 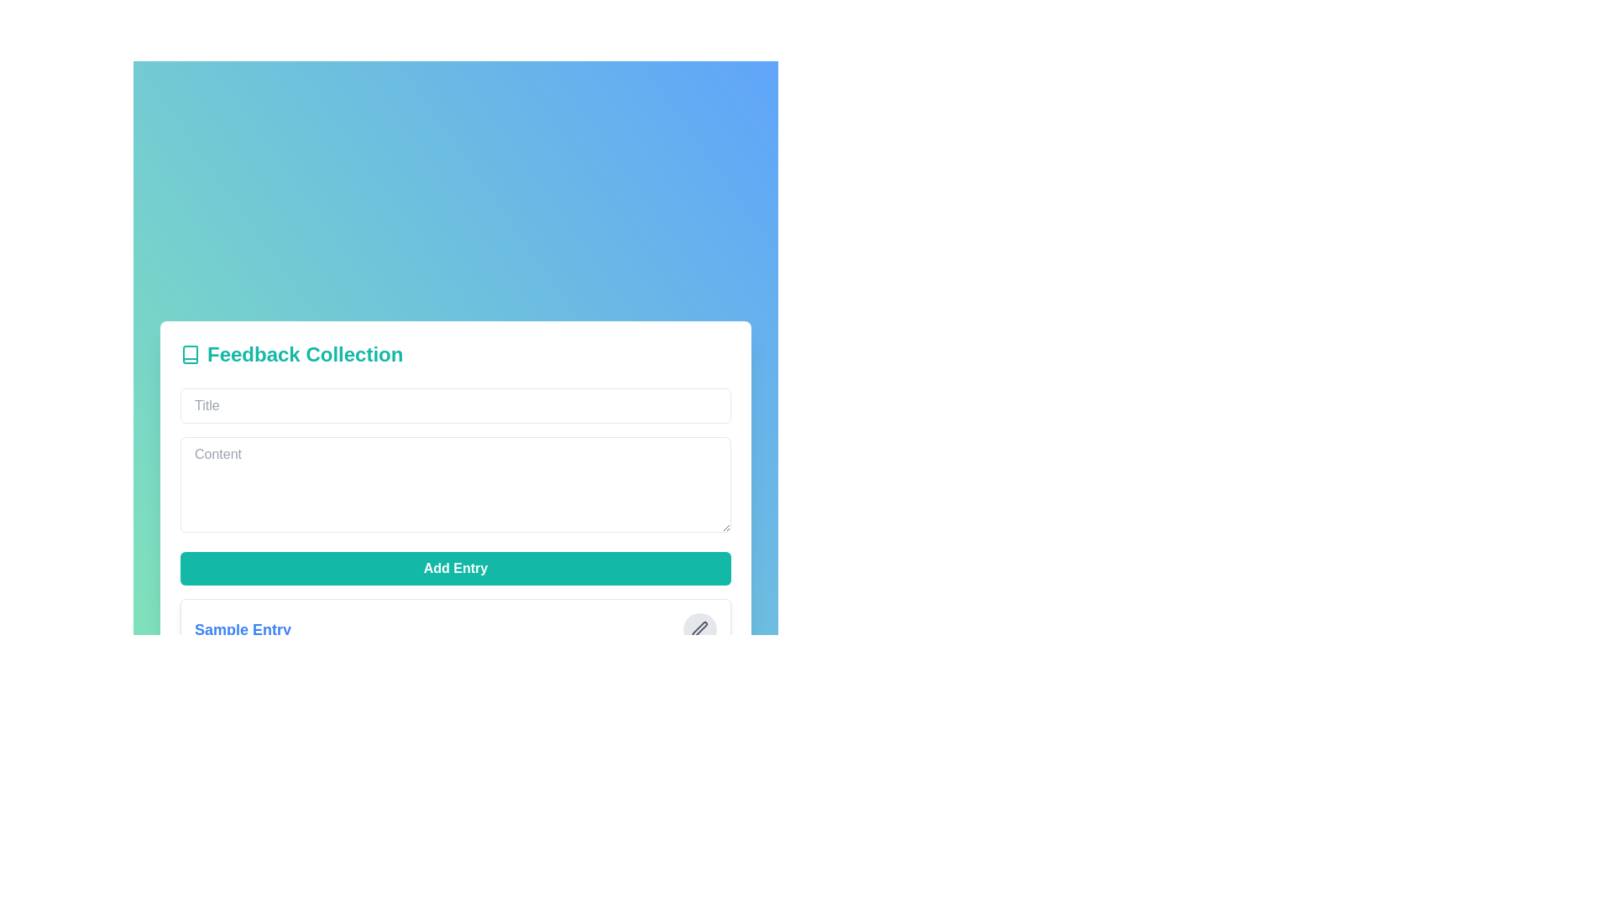 I want to click on the icon button located at the bottom-right of the 'Feedback Collection' section, adjacent to the 'Sample Entry', so click(x=700, y=628).